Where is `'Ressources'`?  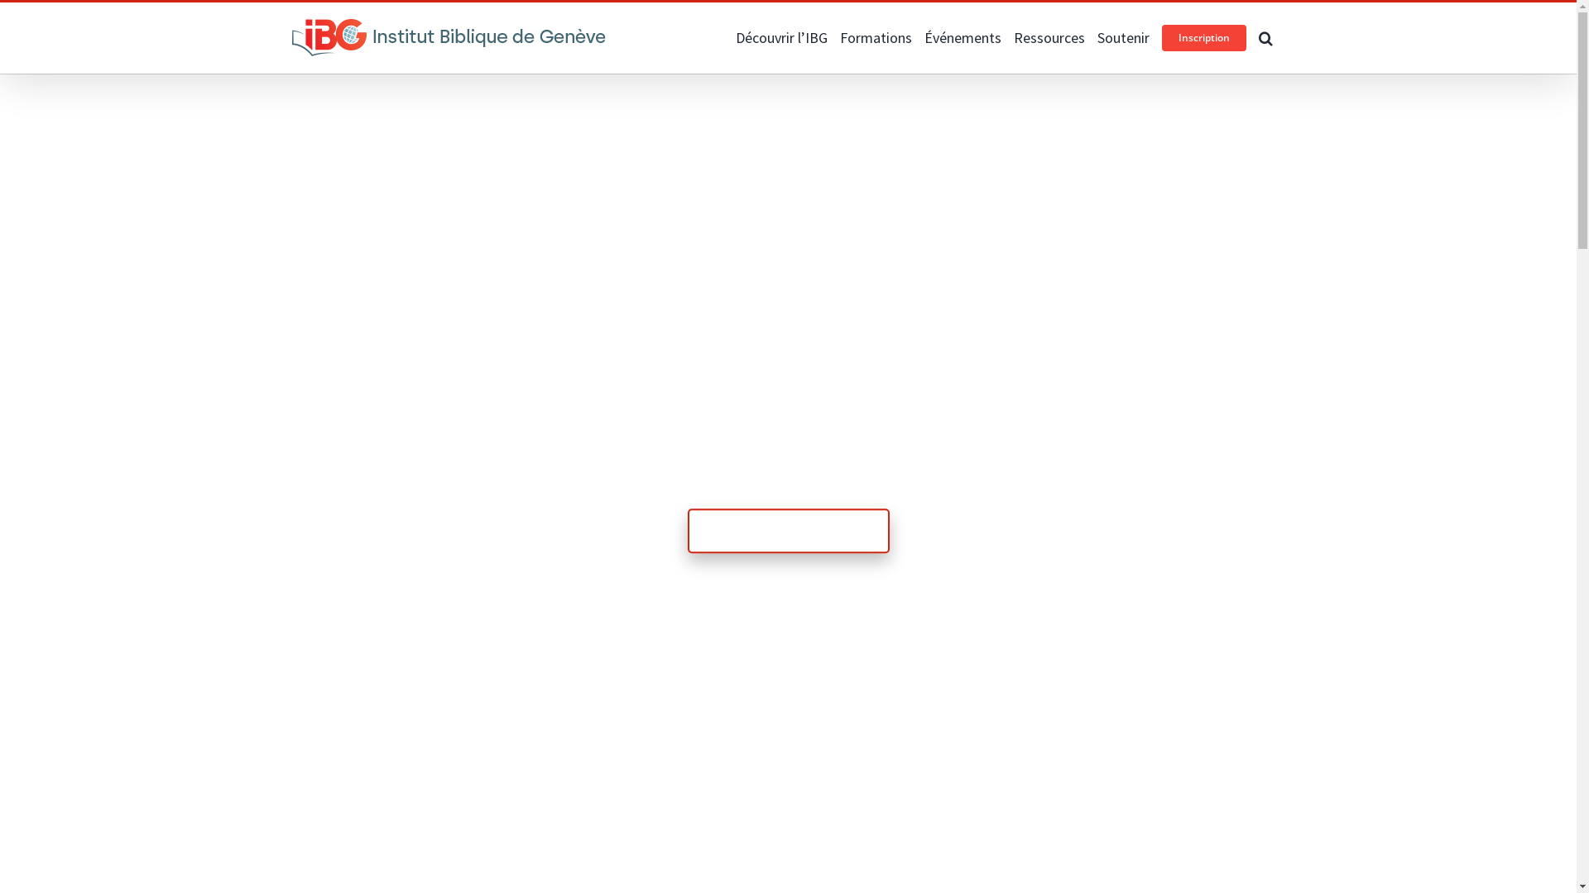
'Ressources' is located at coordinates (1048, 37).